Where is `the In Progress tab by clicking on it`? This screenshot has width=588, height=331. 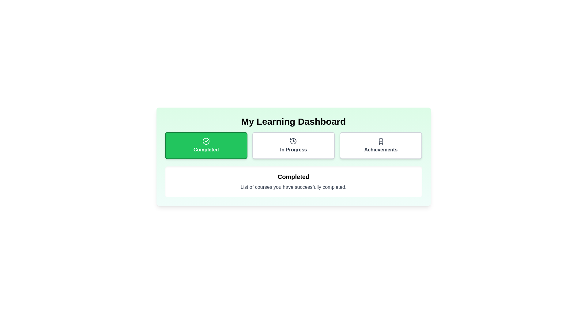
the In Progress tab by clicking on it is located at coordinates (293, 145).